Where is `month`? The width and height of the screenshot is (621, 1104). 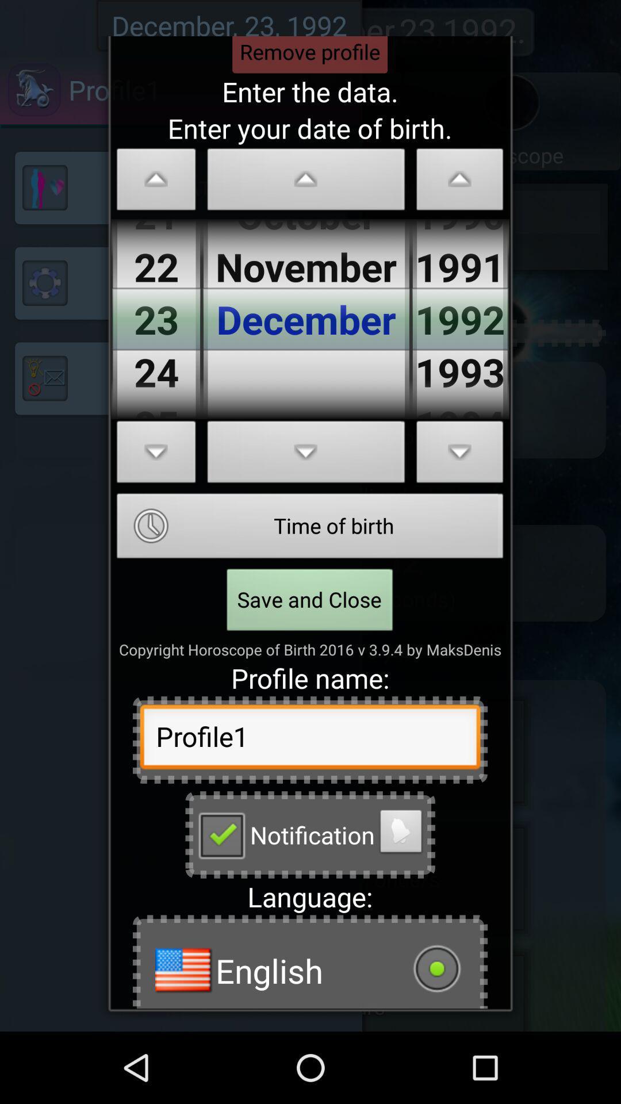 month is located at coordinates (305, 182).